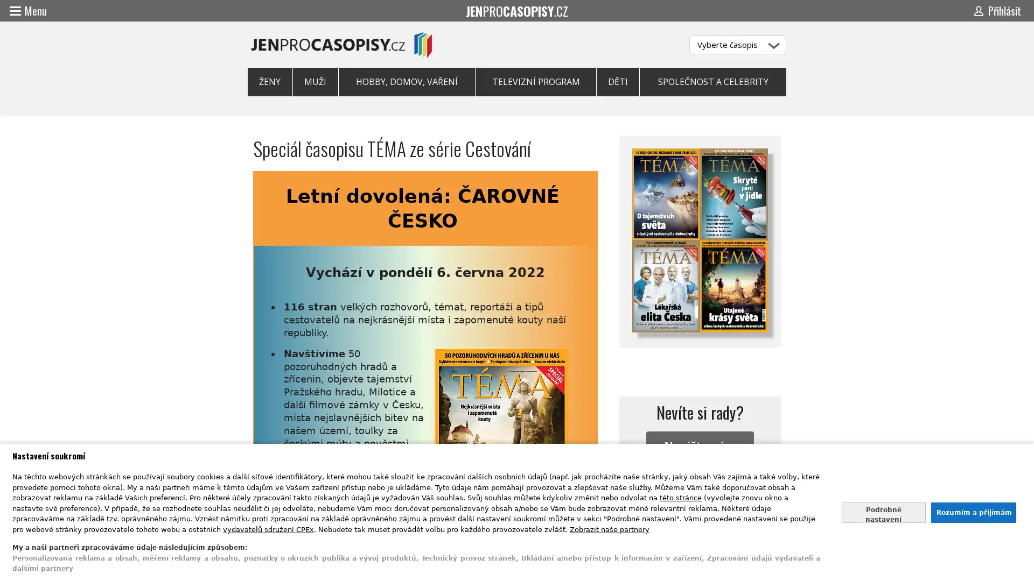 This screenshot has height=581, width=1034. I want to click on Nastavte sve souhlasy, so click(883, 512).